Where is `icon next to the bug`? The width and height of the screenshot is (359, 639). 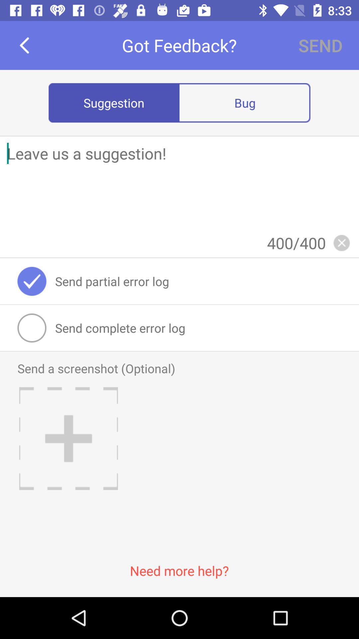 icon next to the bug is located at coordinates (114, 102).